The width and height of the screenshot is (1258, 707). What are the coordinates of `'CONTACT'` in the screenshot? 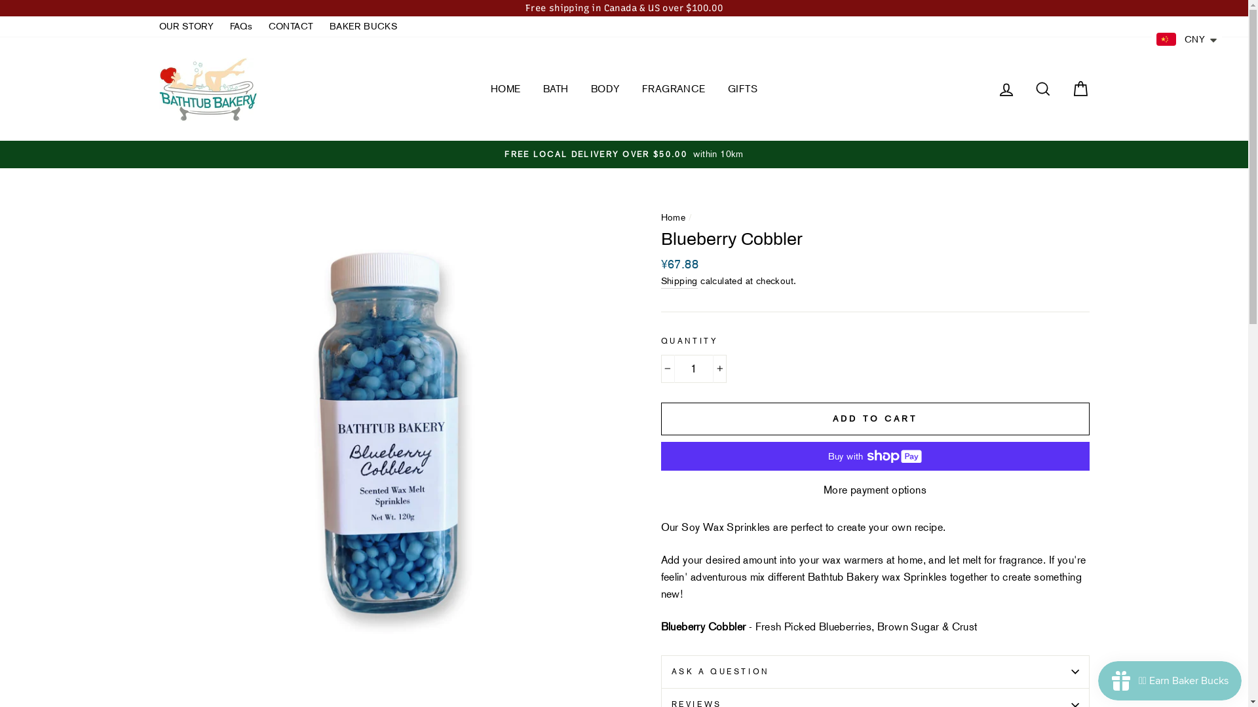 It's located at (290, 27).